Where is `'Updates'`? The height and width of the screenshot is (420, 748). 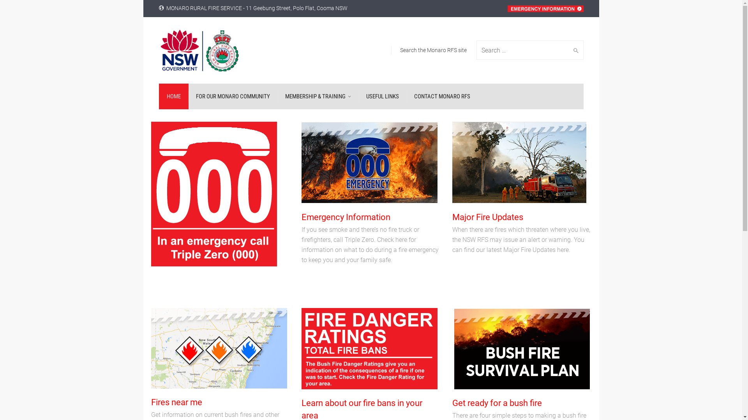
'Updates' is located at coordinates (519, 162).